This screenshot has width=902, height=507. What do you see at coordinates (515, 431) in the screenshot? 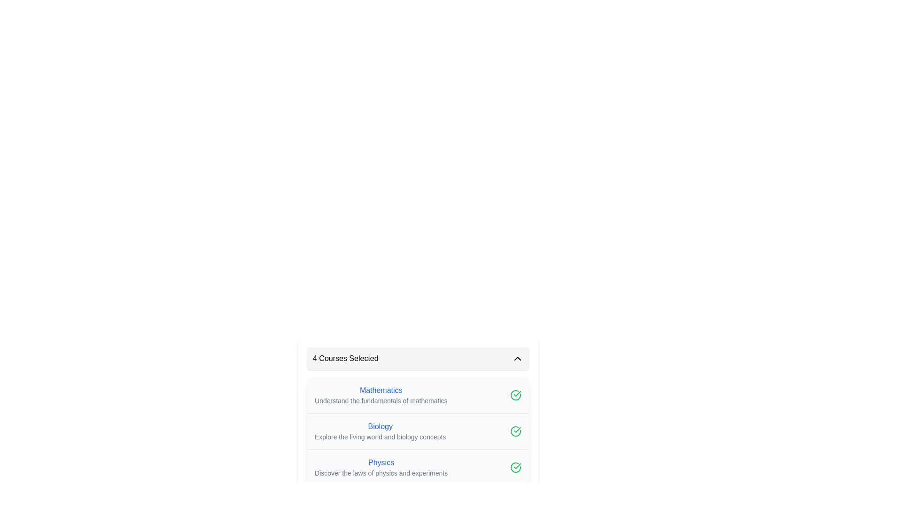
I see `the circular icon with a green outline and a checkmark inside, located to the right of the 'Biology' label` at bounding box center [515, 431].